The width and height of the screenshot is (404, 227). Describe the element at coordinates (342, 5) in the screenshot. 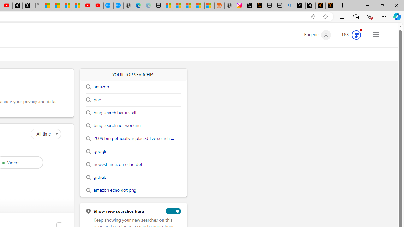

I see `'New Tab'` at that location.